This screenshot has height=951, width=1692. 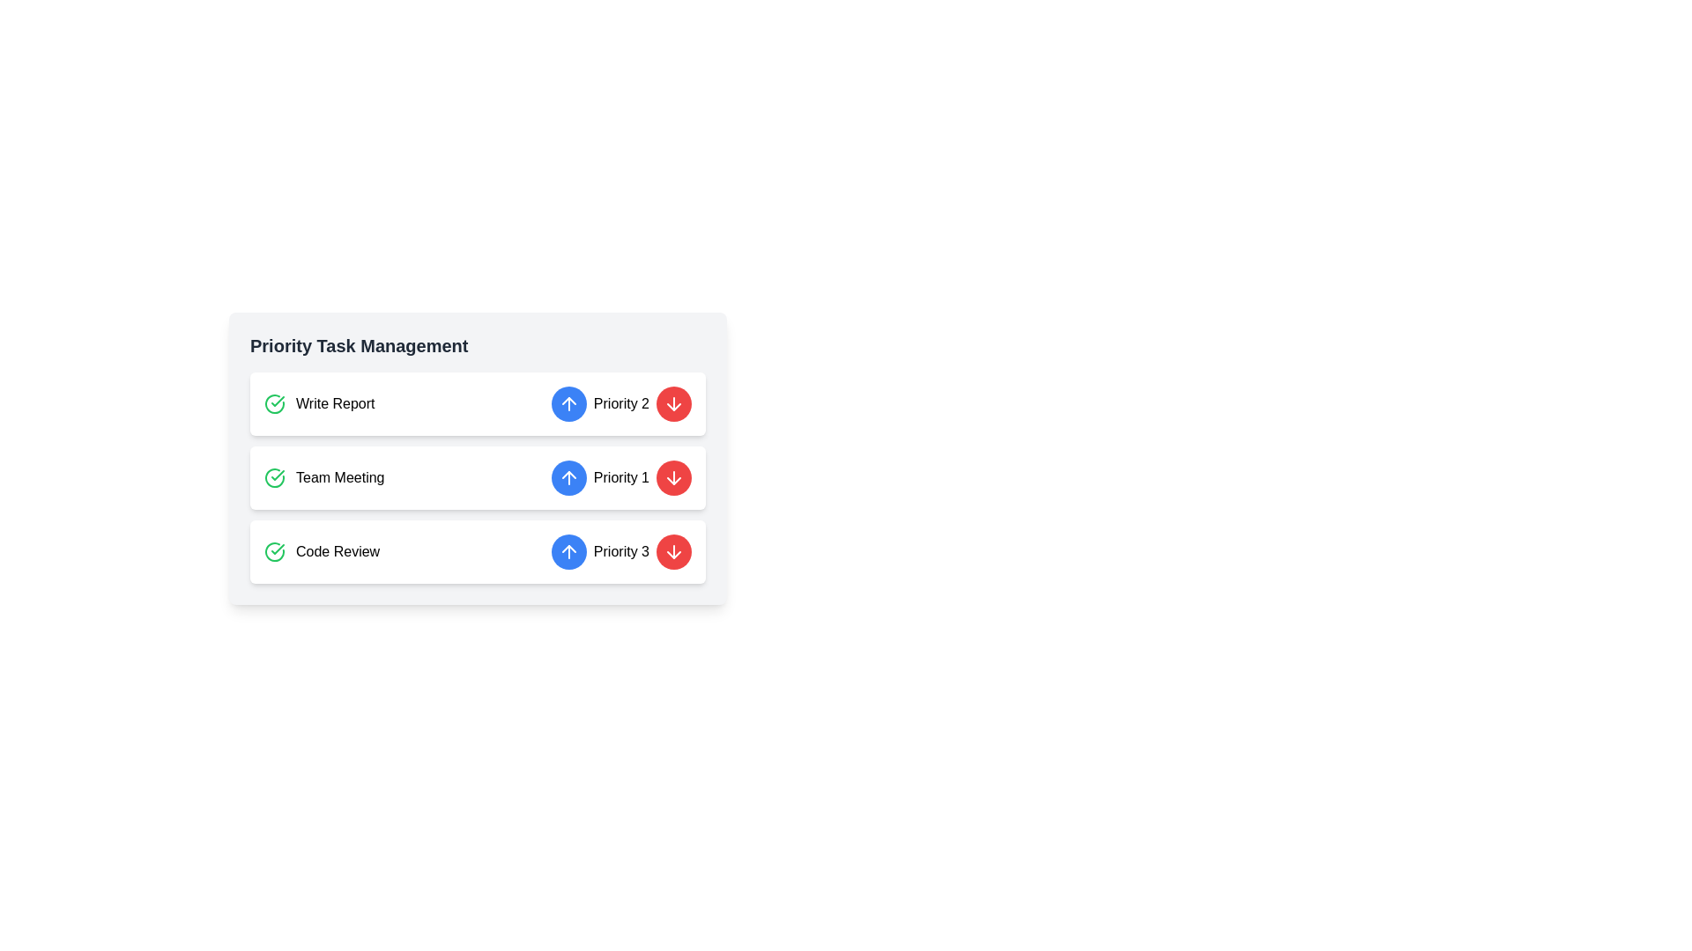 I want to click on the text label identifying the task titled 'Team Meeting' in the 'Priority Task Management' section, so click(x=324, y=478).